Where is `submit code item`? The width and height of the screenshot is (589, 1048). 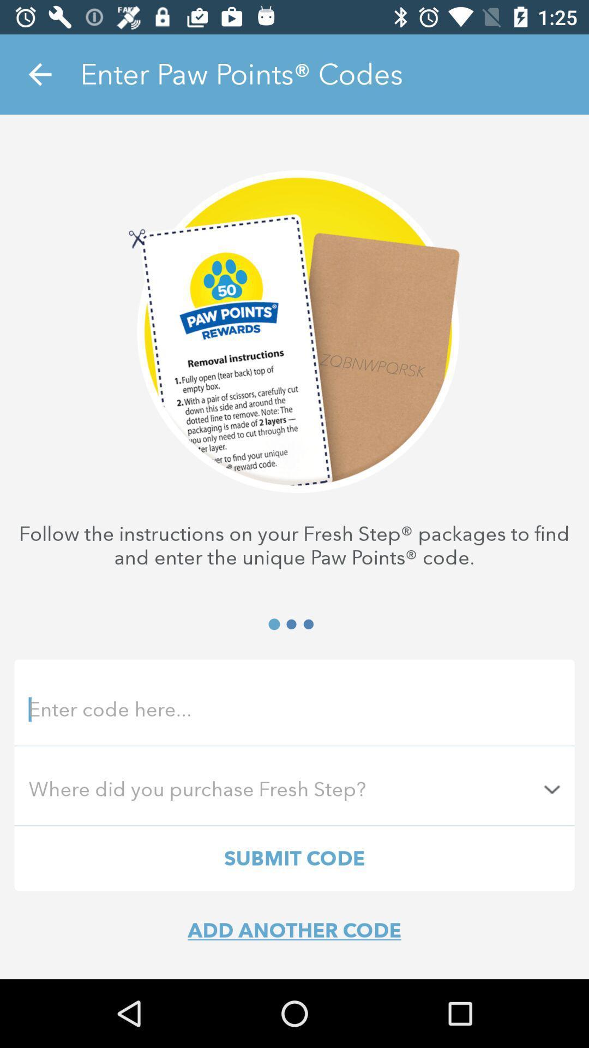
submit code item is located at coordinates (294, 858).